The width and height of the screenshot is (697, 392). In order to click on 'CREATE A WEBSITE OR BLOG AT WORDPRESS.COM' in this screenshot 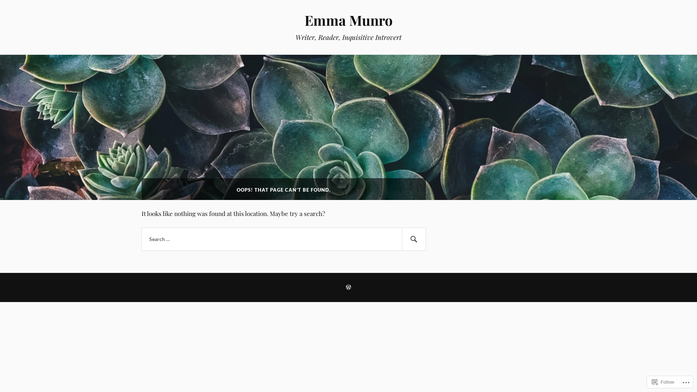, I will do `click(348, 287)`.